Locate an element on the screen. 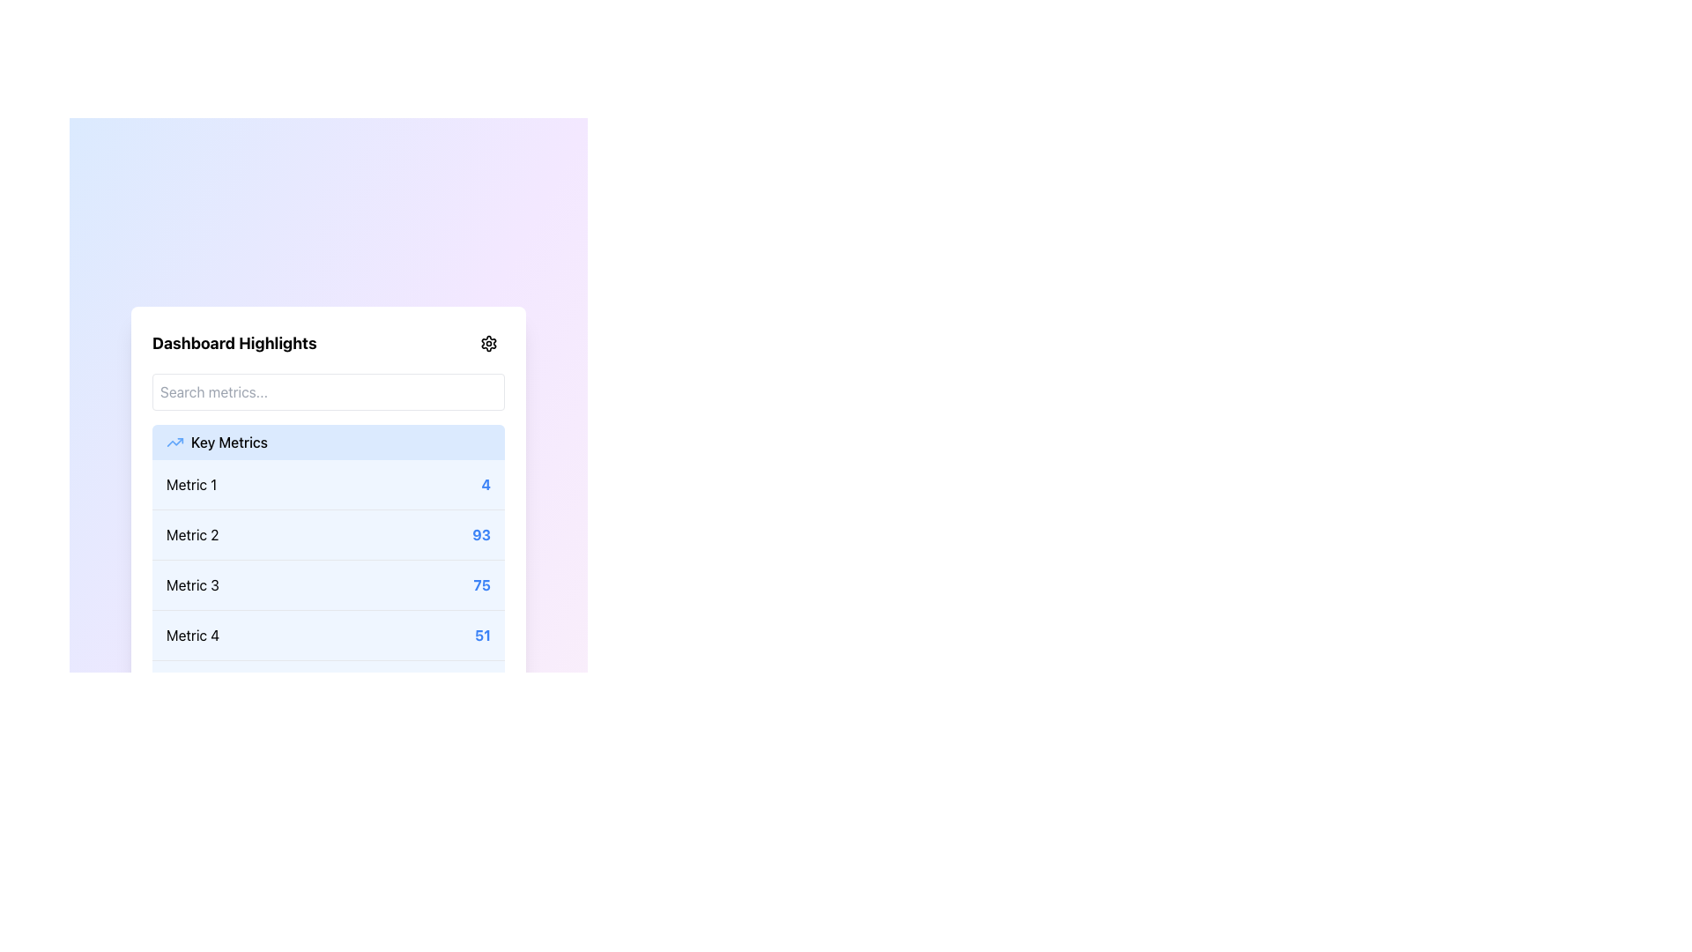  the fourth list item displaying a metric's name and value, located between 'Metric 3' with value '75' and 'Metric 5' with value '94.' is located at coordinates (329, 635).